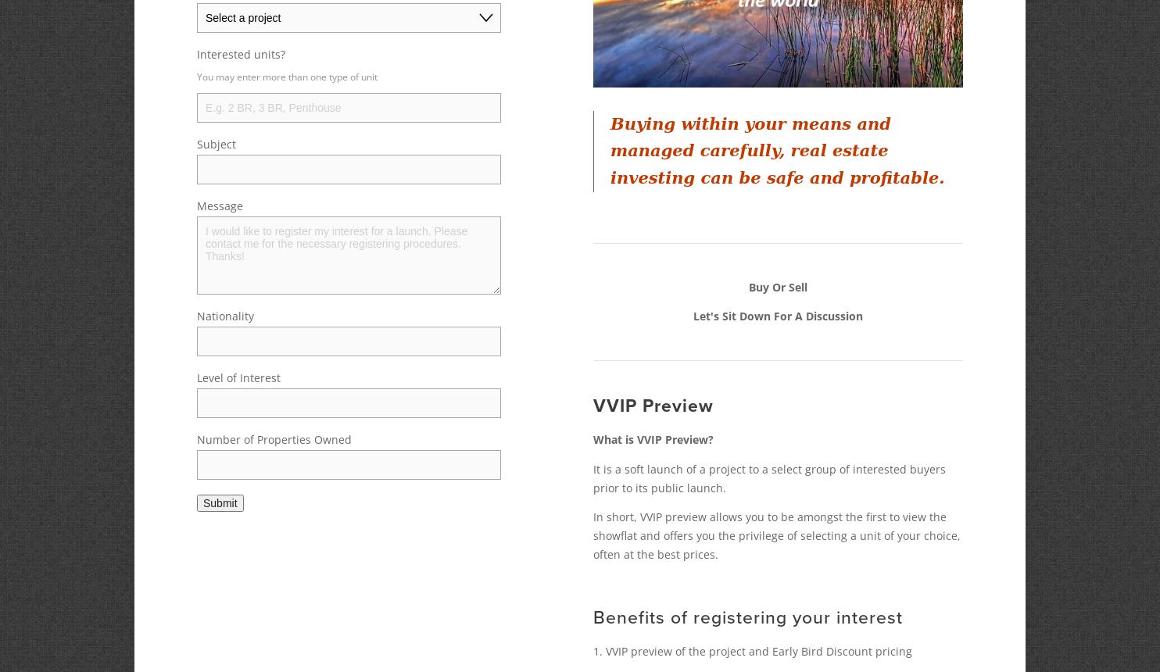 This screenshot has width=1160, height=672. What do you see at coordinates (593, 535) in the screenshot?
I see `'In short, VVIP preview allows you to be amongst the first to view the showflat and offers you the privilege of selecting a unit of your choice, often at the best prices.'` at bounding box center [593, 535].